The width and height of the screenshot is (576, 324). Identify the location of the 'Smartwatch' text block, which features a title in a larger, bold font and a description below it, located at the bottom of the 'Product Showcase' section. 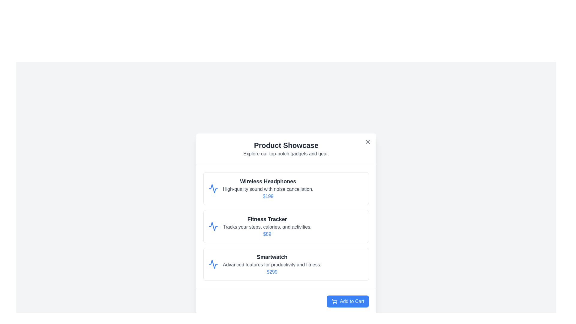
(272, 264).